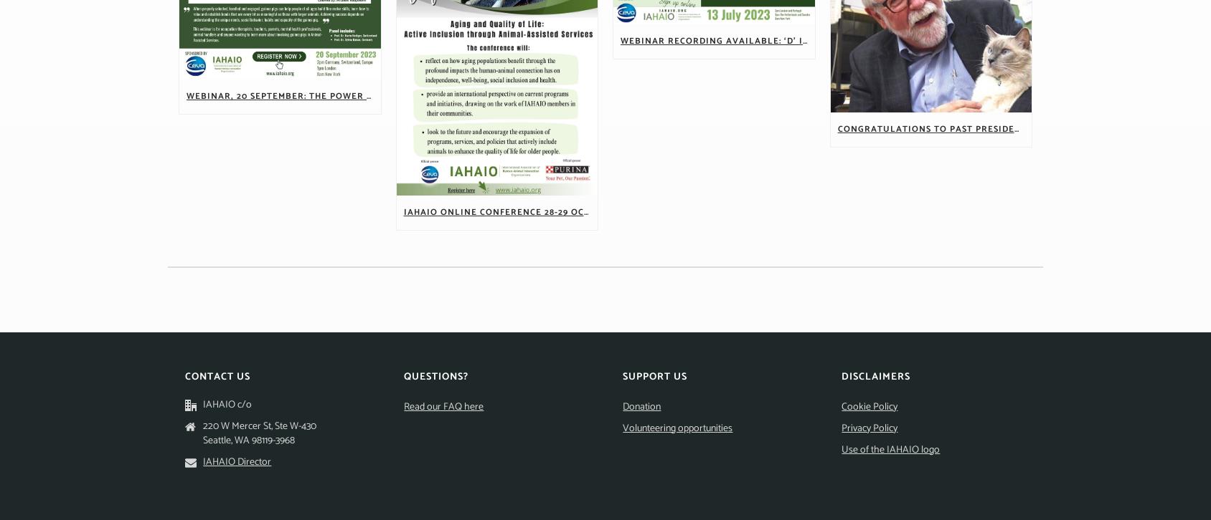 This screenshot has width=1211, height=520. What do you see at coordinates (249, 439) in the screenshot?
I see `'Seattle, WA 98119-3968'` at bounding box center [249, 439].